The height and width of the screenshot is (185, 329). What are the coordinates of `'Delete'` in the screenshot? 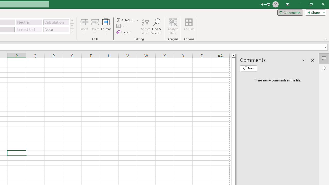 It's located at (95, 26).